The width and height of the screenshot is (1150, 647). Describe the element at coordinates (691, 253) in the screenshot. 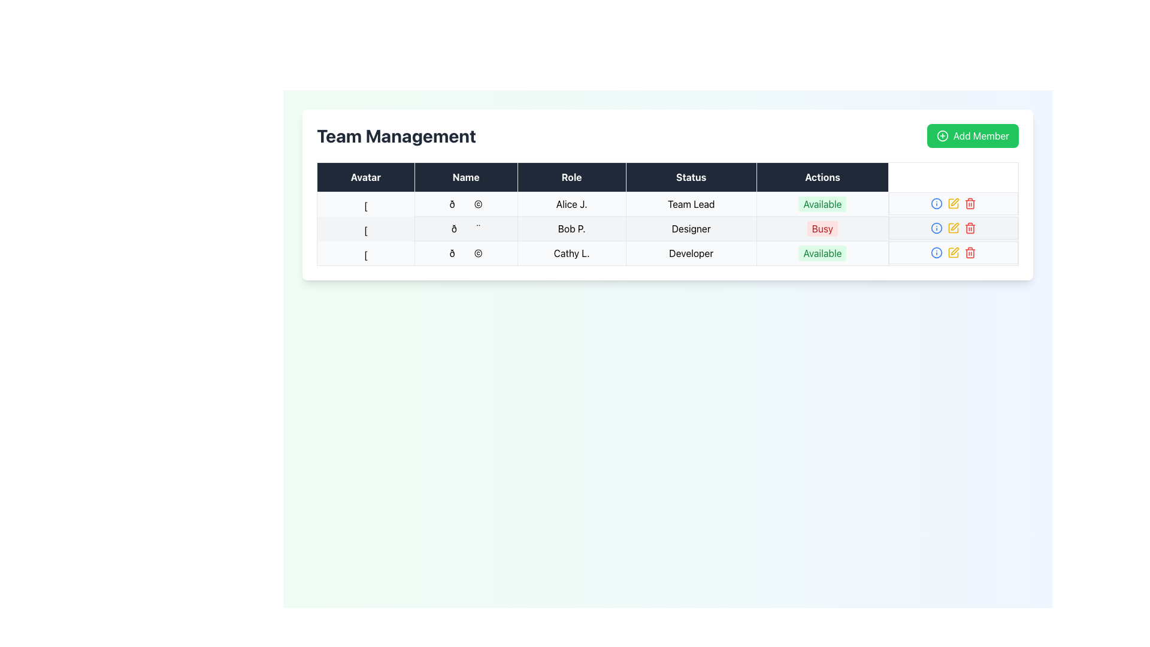

I see `the text label indicating the role of the individual` at that location.